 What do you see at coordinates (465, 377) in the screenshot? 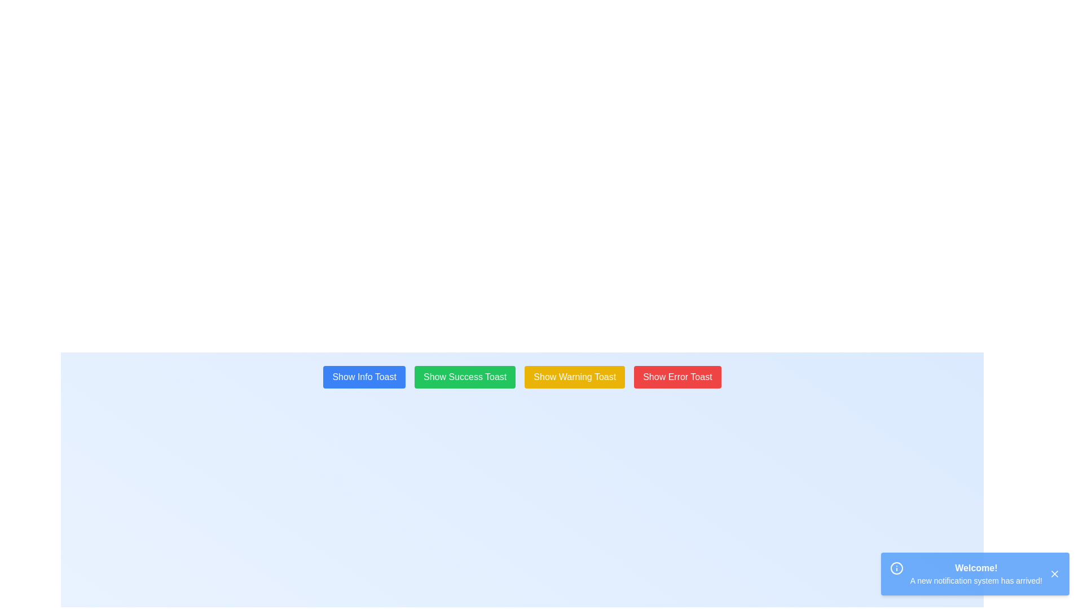
I see `the second button in the horizontal row` at bounding box center [465, 377].